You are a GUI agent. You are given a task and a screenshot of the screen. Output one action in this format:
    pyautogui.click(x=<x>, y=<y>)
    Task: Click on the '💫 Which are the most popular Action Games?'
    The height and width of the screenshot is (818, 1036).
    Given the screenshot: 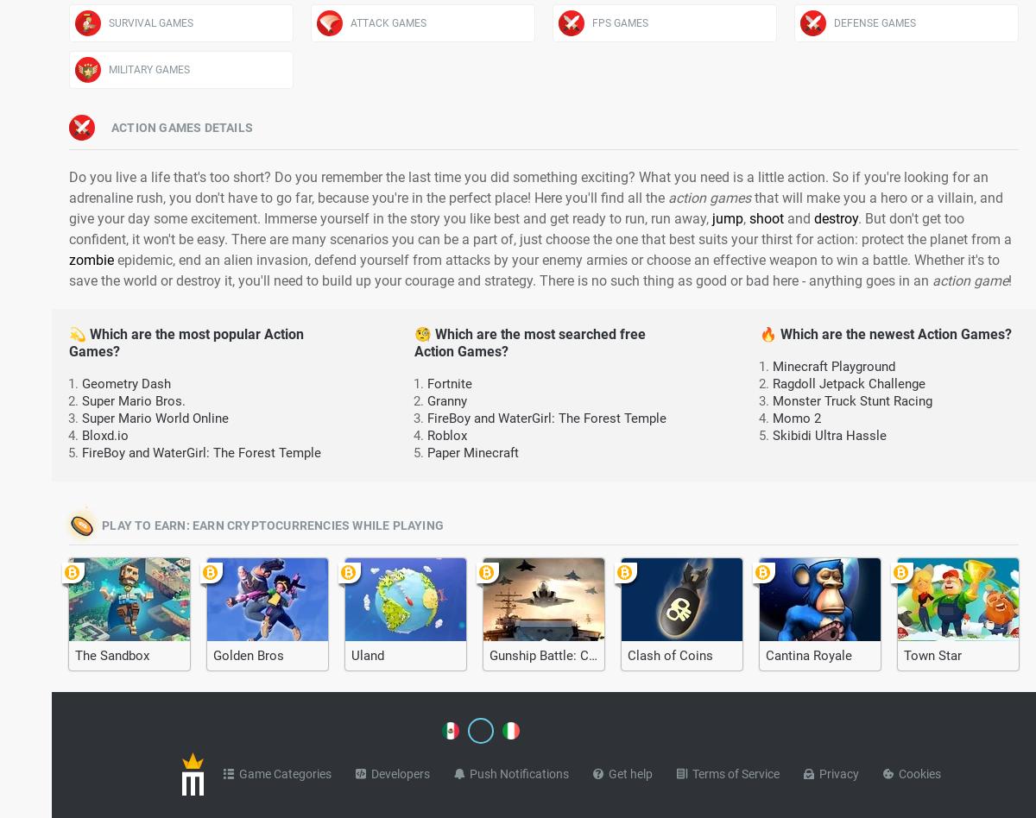 What is the action you would take?
    pyautogui.click(x=186, y=342)
    